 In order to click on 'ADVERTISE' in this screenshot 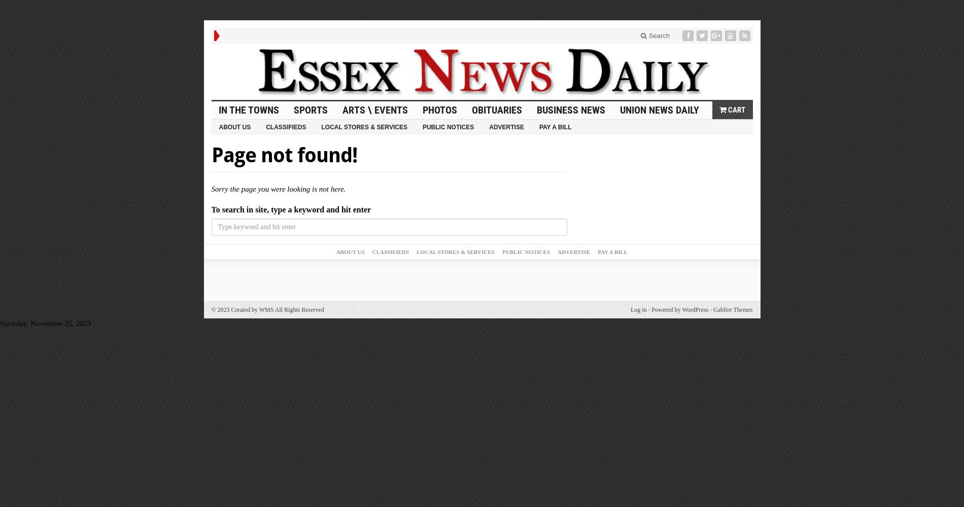, I will do `click(574, 251)`.